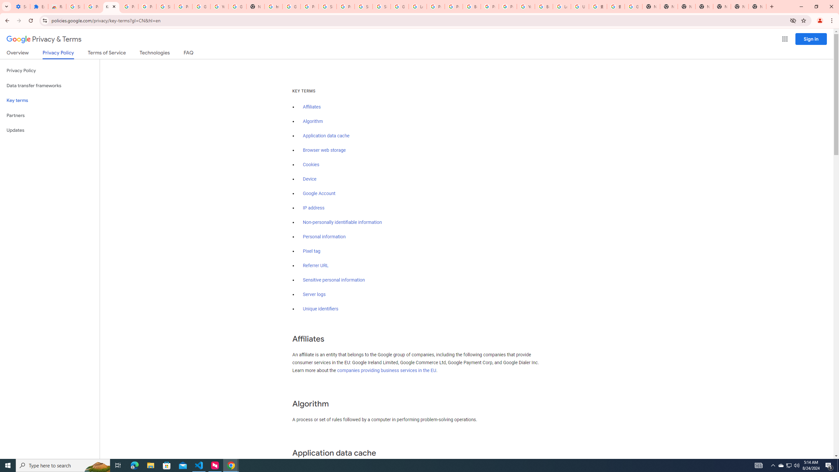 Image resolution: width=839 pixels, height=472 pixels. What do you see at coordinates (309, 179) in the screenshot?
I see `'Device'` at bounding box center [309, 179].